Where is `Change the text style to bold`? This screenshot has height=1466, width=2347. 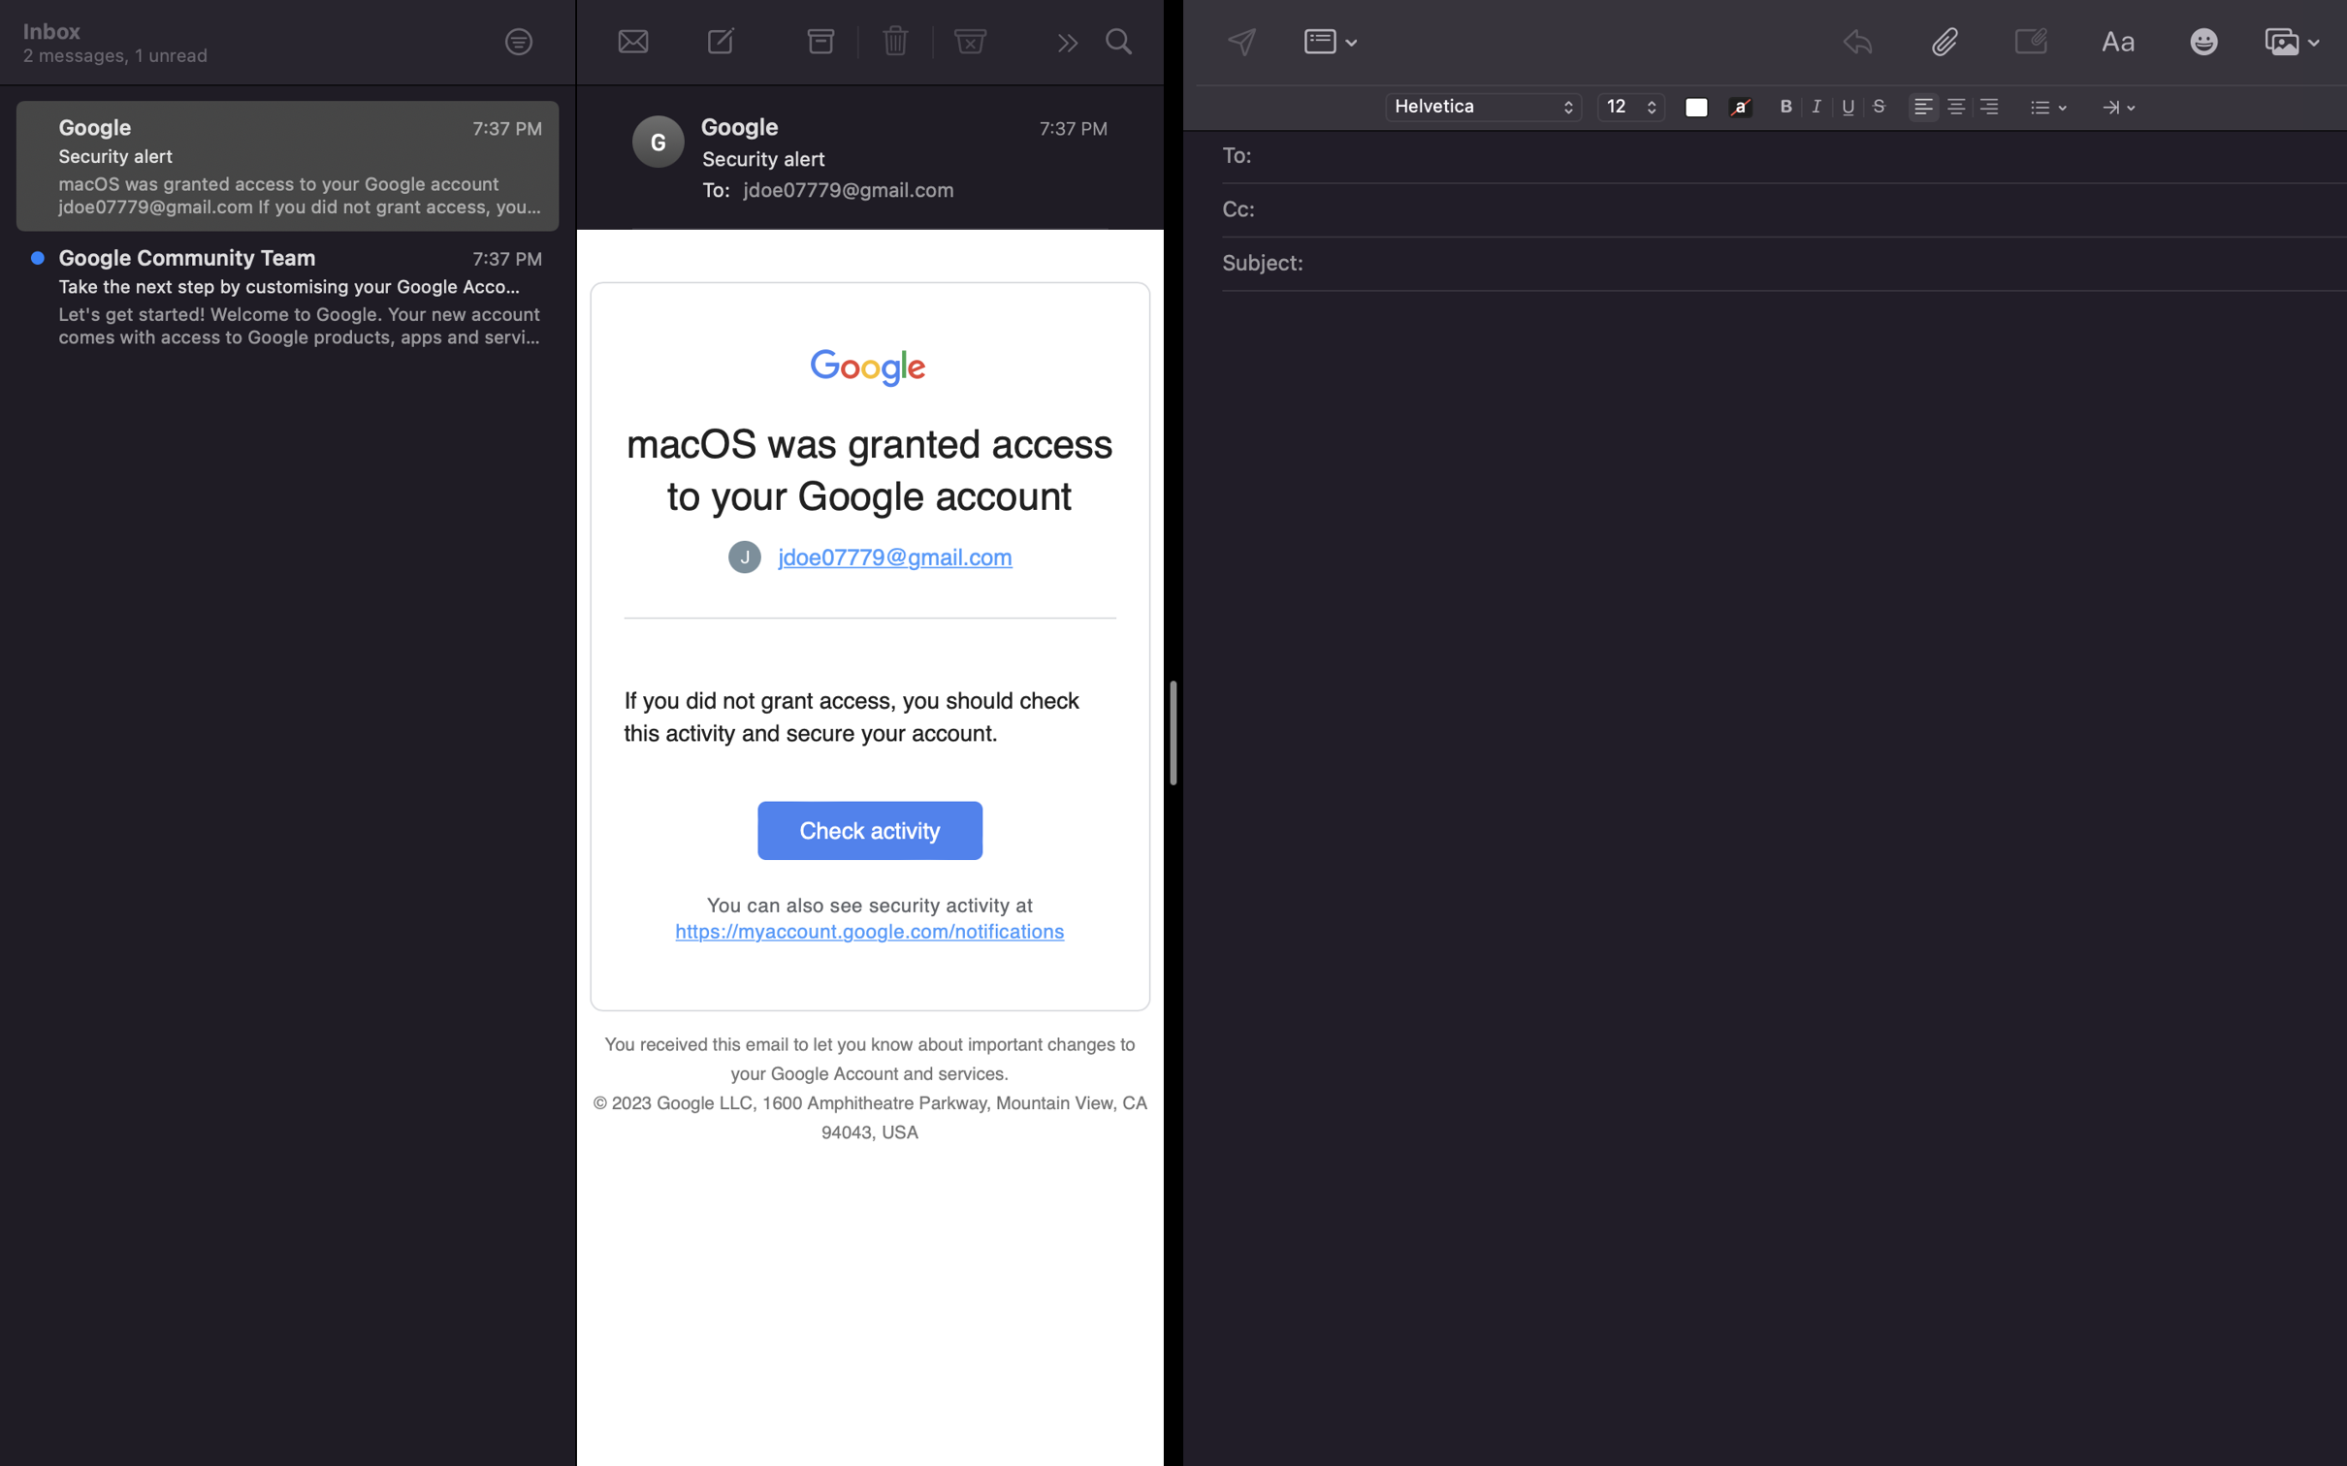 Change the text style to bold is located at coordinates (1786, 105).